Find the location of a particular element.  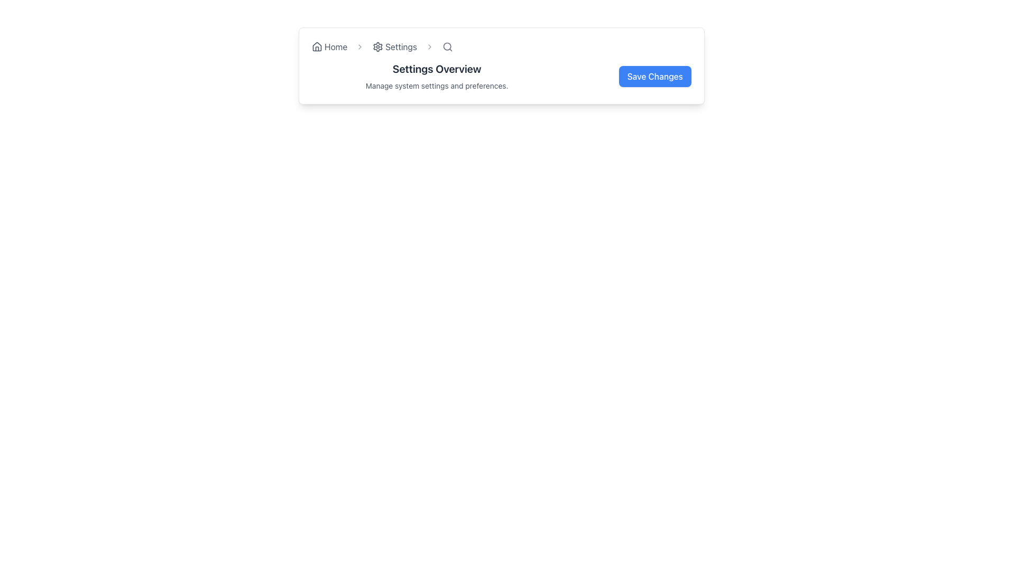

the search icon located in the breadcrumb navigation bar, which is the fourth element succeeding the 'Settings' text is located at coordinates (448, 46).